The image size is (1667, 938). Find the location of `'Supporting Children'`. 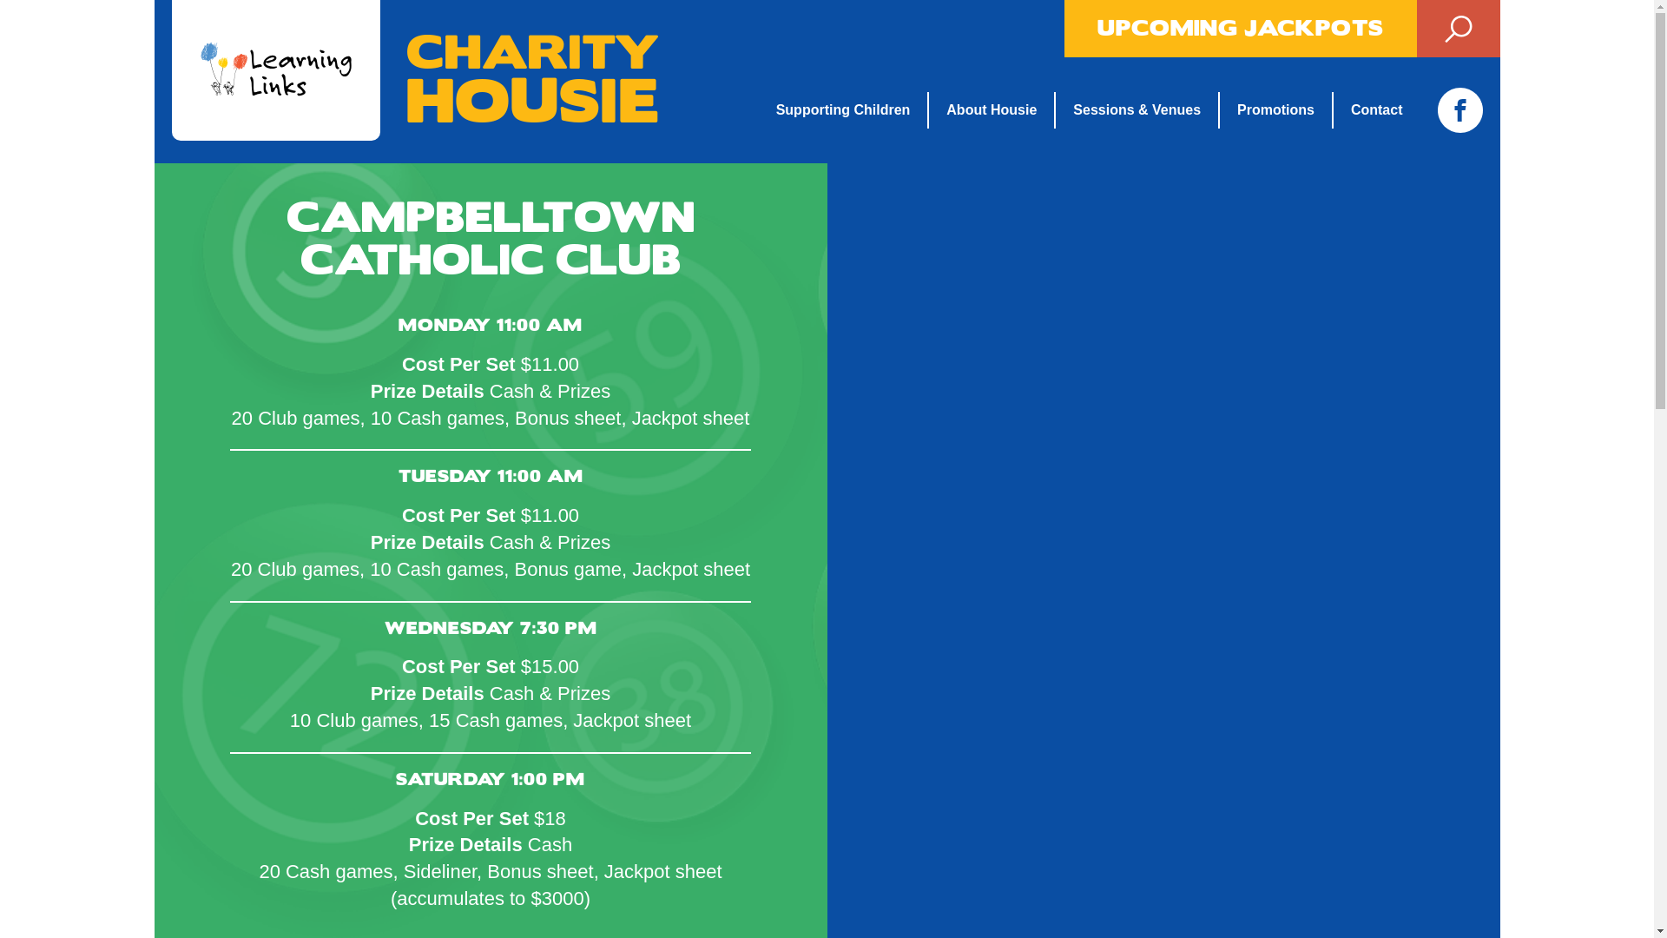

'Supporting Children' is located at coordinates (852, 110).